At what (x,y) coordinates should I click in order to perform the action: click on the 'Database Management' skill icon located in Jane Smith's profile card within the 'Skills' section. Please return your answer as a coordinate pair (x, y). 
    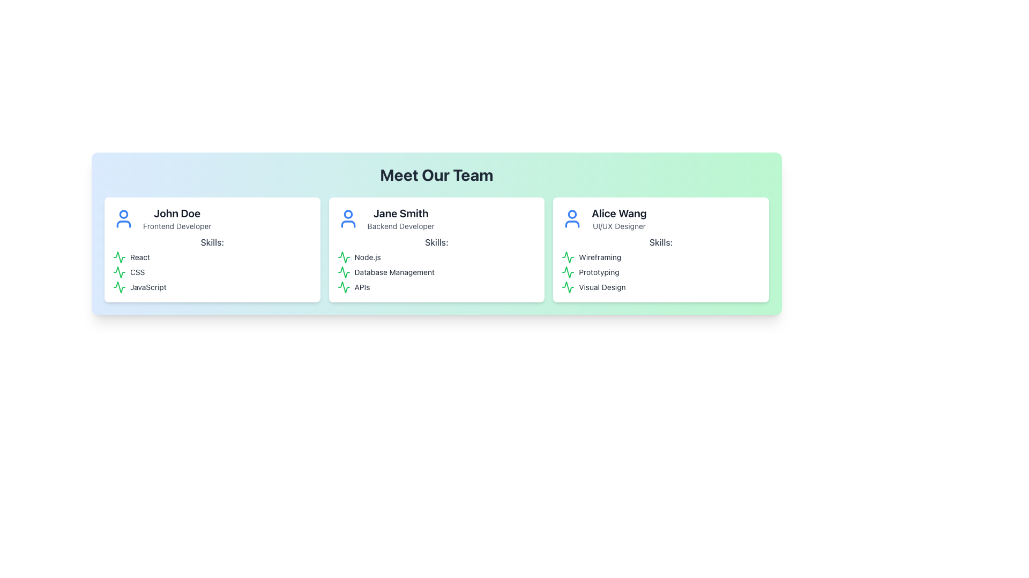
    Looking at the image, I should click on (344, 272).